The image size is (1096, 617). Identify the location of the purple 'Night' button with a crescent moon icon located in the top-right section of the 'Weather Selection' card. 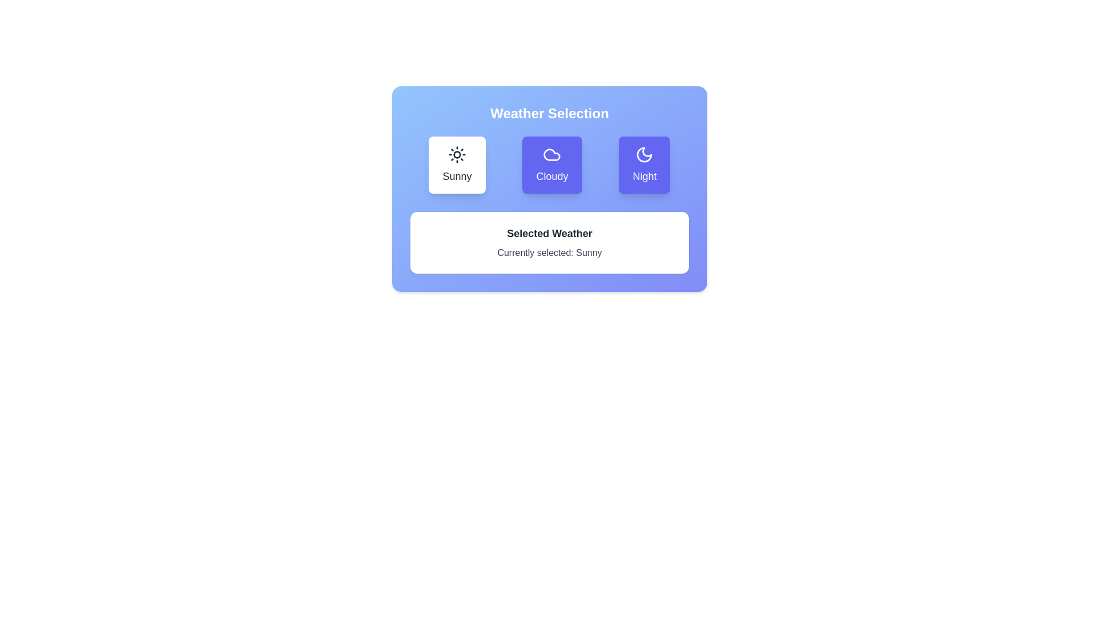
(644, 165).